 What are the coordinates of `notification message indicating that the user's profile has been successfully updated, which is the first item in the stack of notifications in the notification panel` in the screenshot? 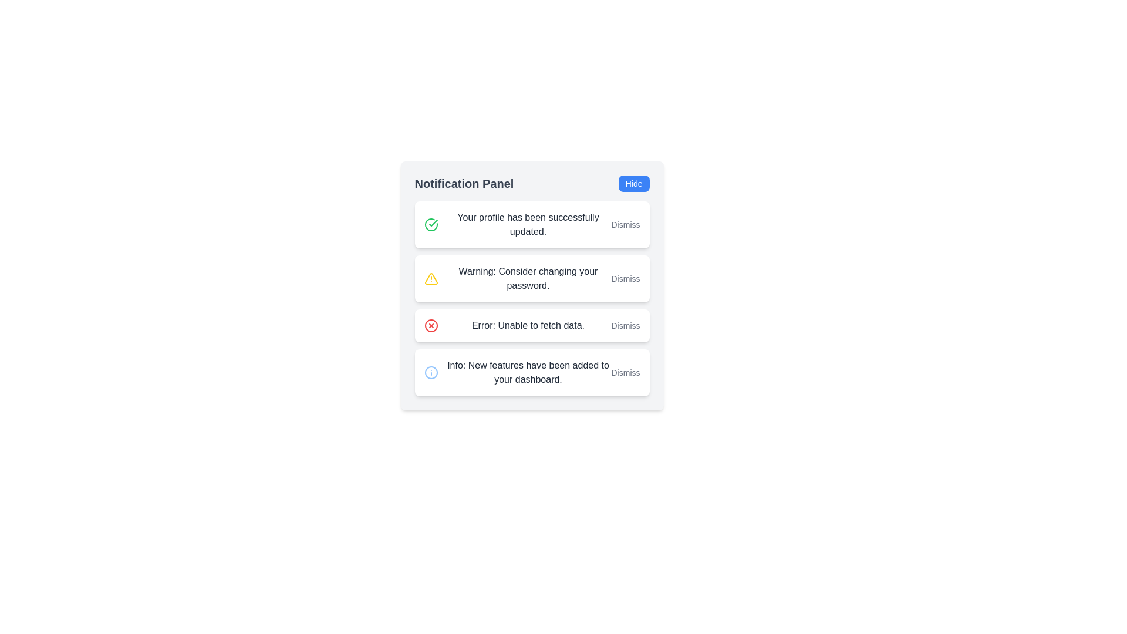 It's located at (531, 224).